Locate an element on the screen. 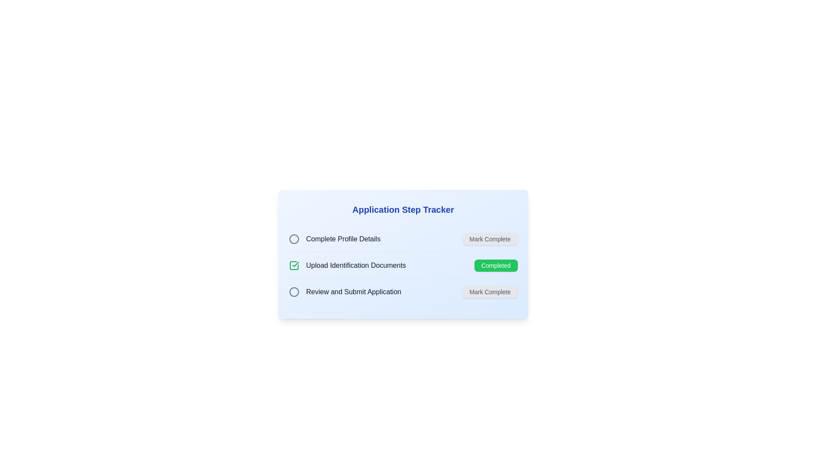 The height and width of the screenshot is (468, 832). the completion status button for the 'Upload Identification Documents' task in the second row of the 'Application Step Tracker' interface to acknowledge or confirm the status is located at coordinates (496, 265).